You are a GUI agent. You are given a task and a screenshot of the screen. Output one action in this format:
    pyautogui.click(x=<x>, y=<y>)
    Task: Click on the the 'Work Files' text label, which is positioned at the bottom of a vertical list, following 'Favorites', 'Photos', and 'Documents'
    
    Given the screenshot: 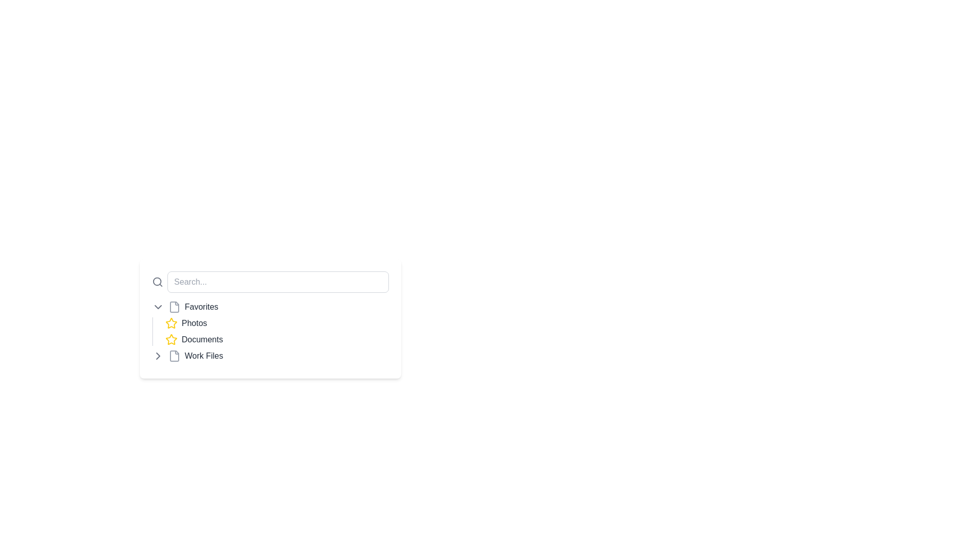 What is the action you would take?
    pyautogui.click(x=204, y=356)
    